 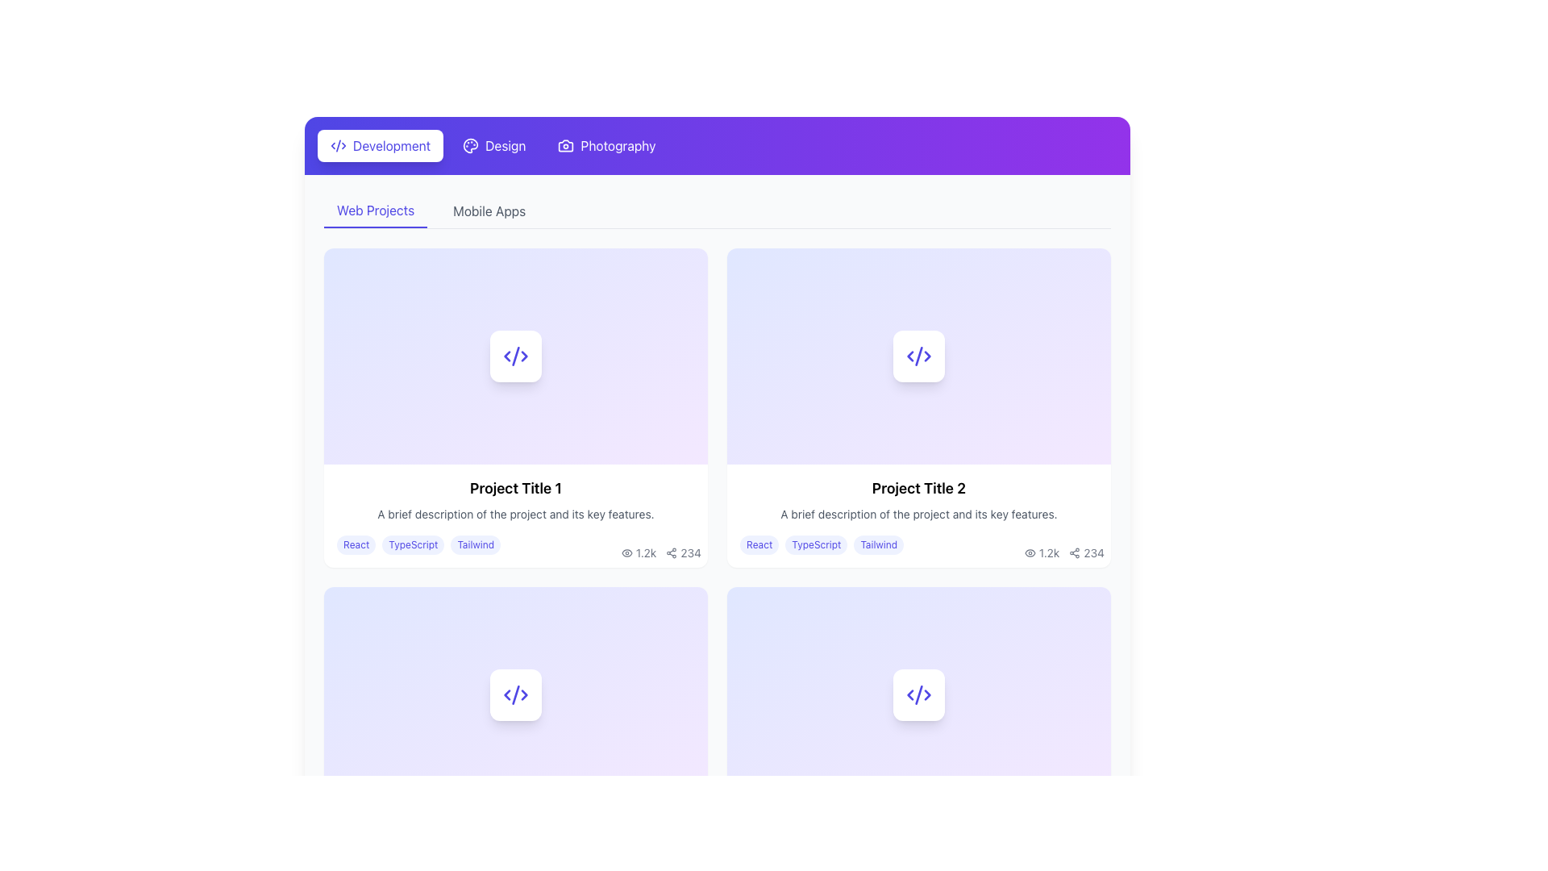 I want to click on the leftmost button in the group of three circular buttons located in the bottom row of the grid layout, so click(x=622, y=606).